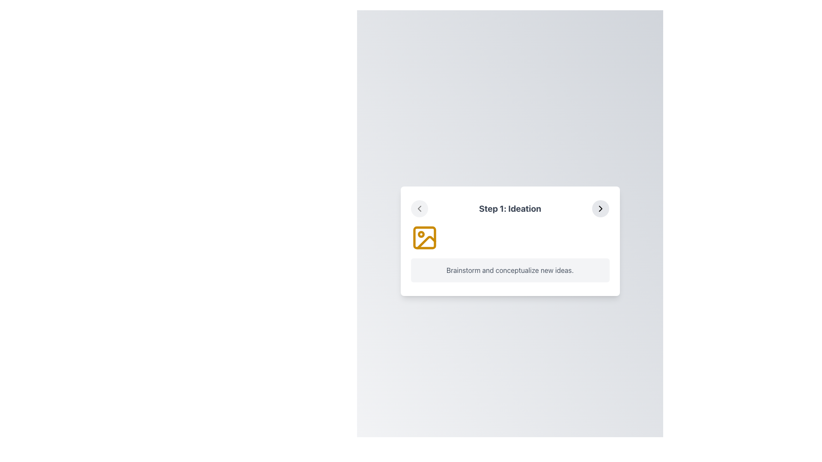  Describe the element at coordinates (600, 209) in the screenshot. I see `the rightmost navigation button` at that location.